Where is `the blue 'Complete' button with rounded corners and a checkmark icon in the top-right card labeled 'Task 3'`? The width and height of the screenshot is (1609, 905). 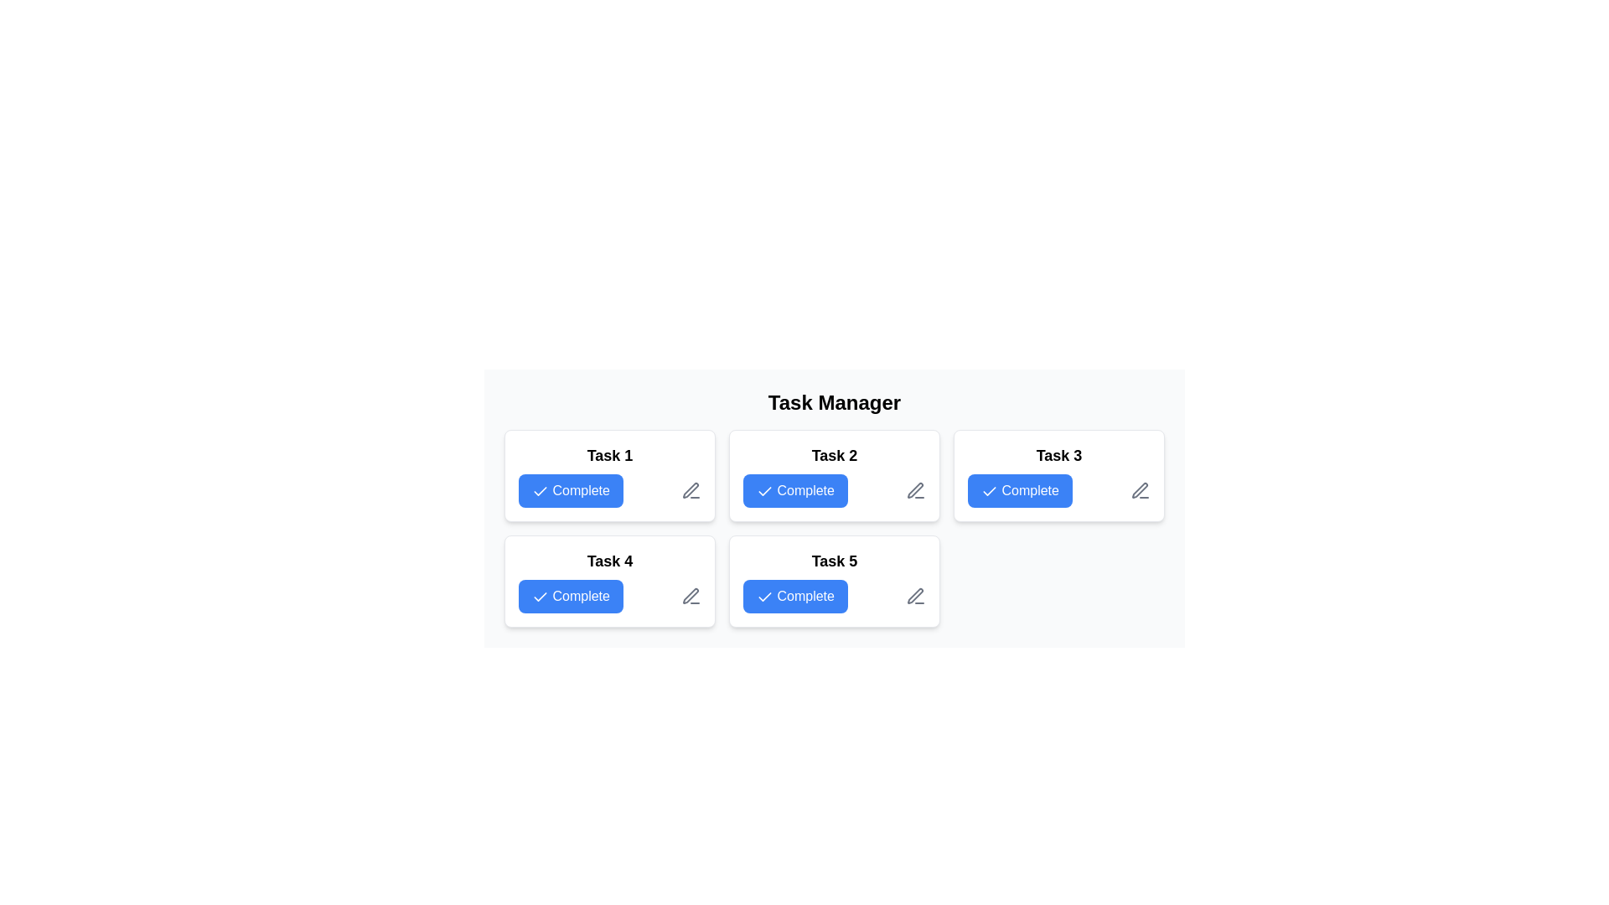 the blue 'Complete' button with rounded corners and a checkmark icon in the top-right card labeled 'Task 3' is located at coordinates (1019, 490).